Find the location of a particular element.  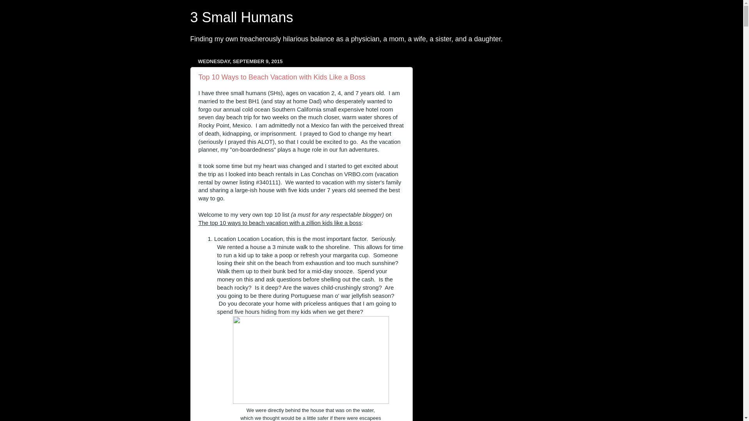

'Top 10 Ways to Beach Vacation with Kids Like a Boss' is located at coordinates (281, 77).